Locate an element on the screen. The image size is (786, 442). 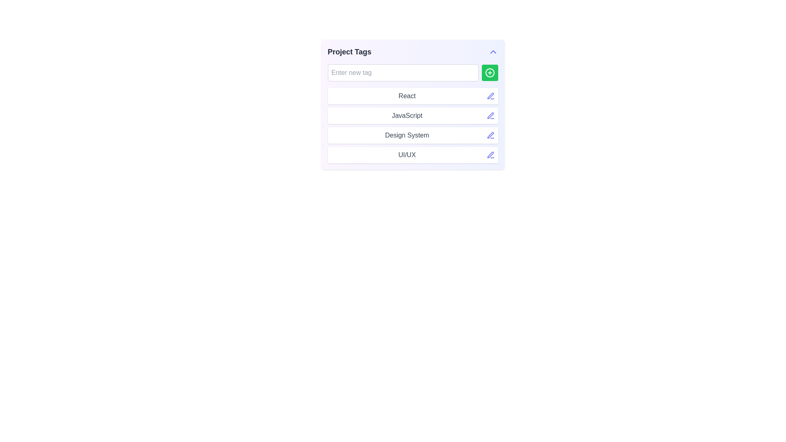
the action button located to the right of the input field for adding a new project tag in the 'Project Tags' panel is located at coordinates (490, 72).